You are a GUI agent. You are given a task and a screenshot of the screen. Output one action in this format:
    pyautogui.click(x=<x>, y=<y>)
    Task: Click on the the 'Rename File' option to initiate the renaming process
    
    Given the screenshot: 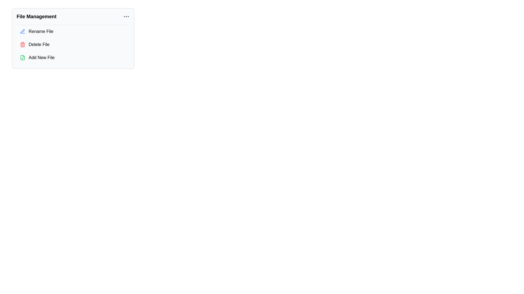 What is the action you would take?
    pyautogui.click(x=73, y=31)
    